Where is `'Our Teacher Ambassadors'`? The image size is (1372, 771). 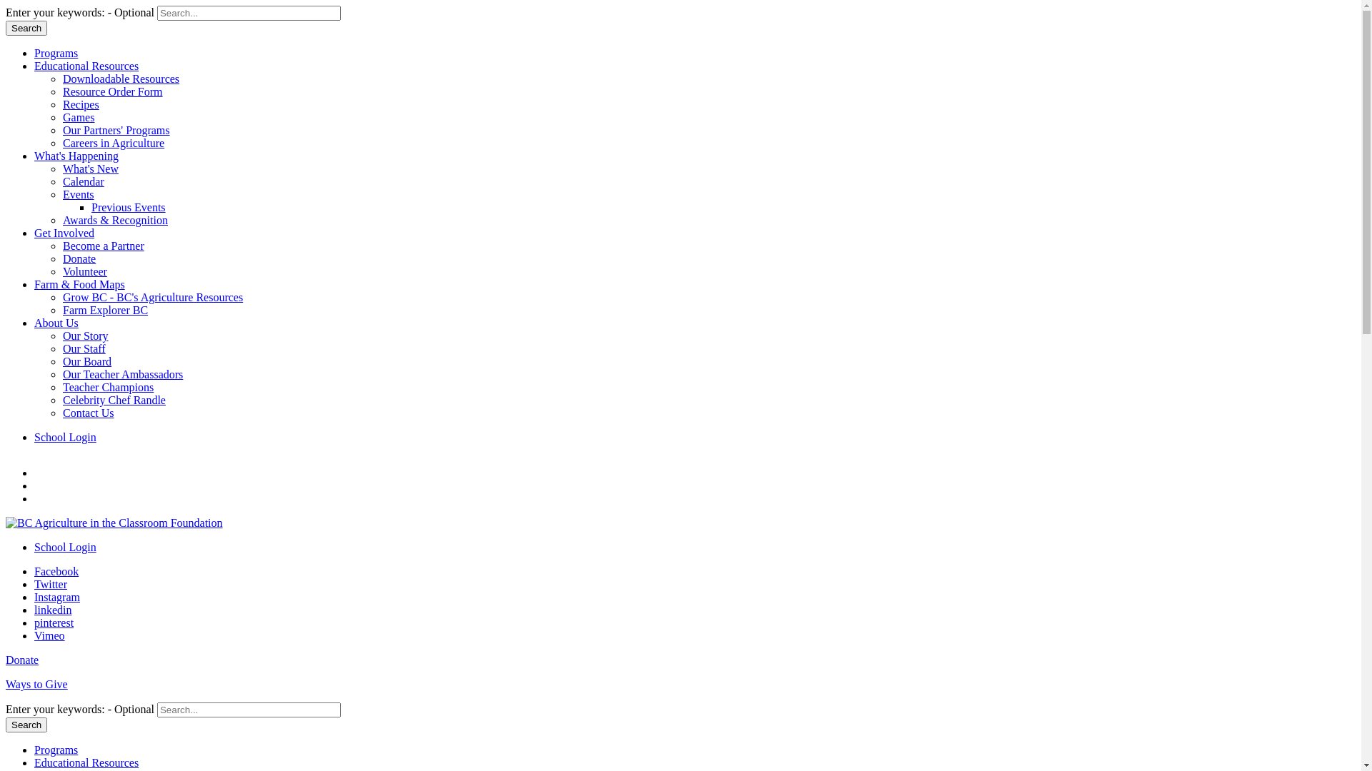
'Our Teacher Ambassadors' is located at coordinates (123, 373).